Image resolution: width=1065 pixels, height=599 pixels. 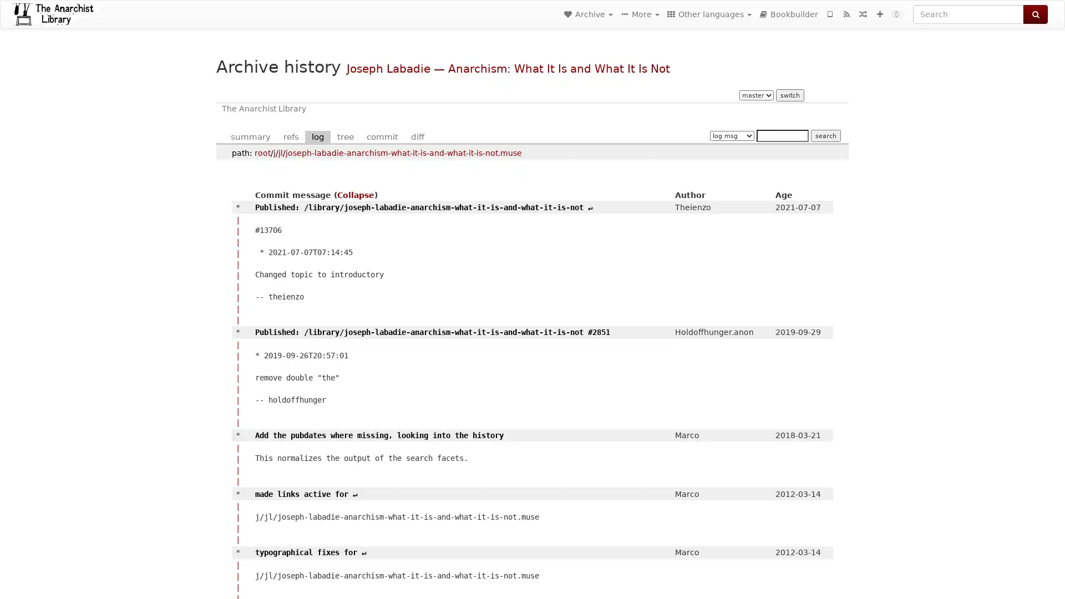 What do you see at coordinates (1035, 14) in the screenshot?
I see `Search` at bounding box center [1035, 14].